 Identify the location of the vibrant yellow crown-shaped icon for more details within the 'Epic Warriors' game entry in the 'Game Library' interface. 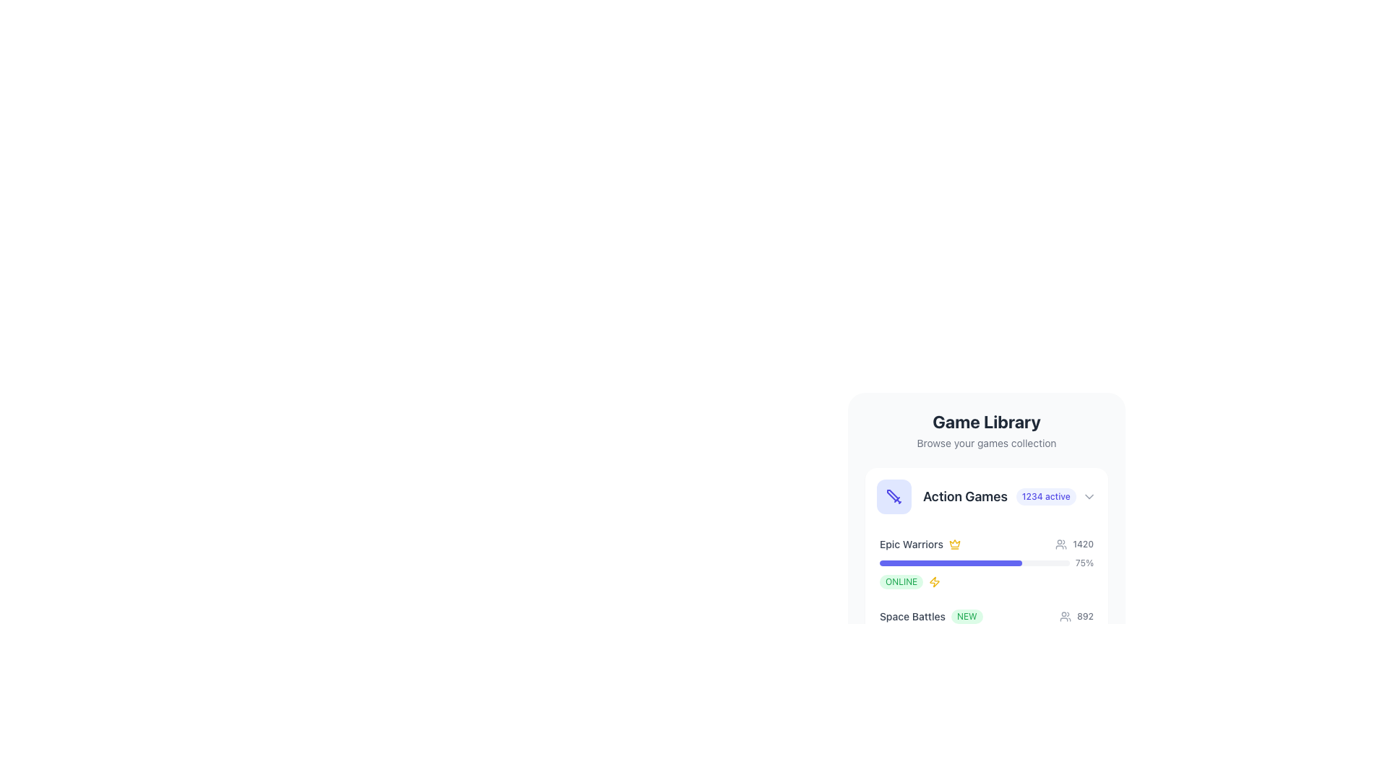
(954, 543).